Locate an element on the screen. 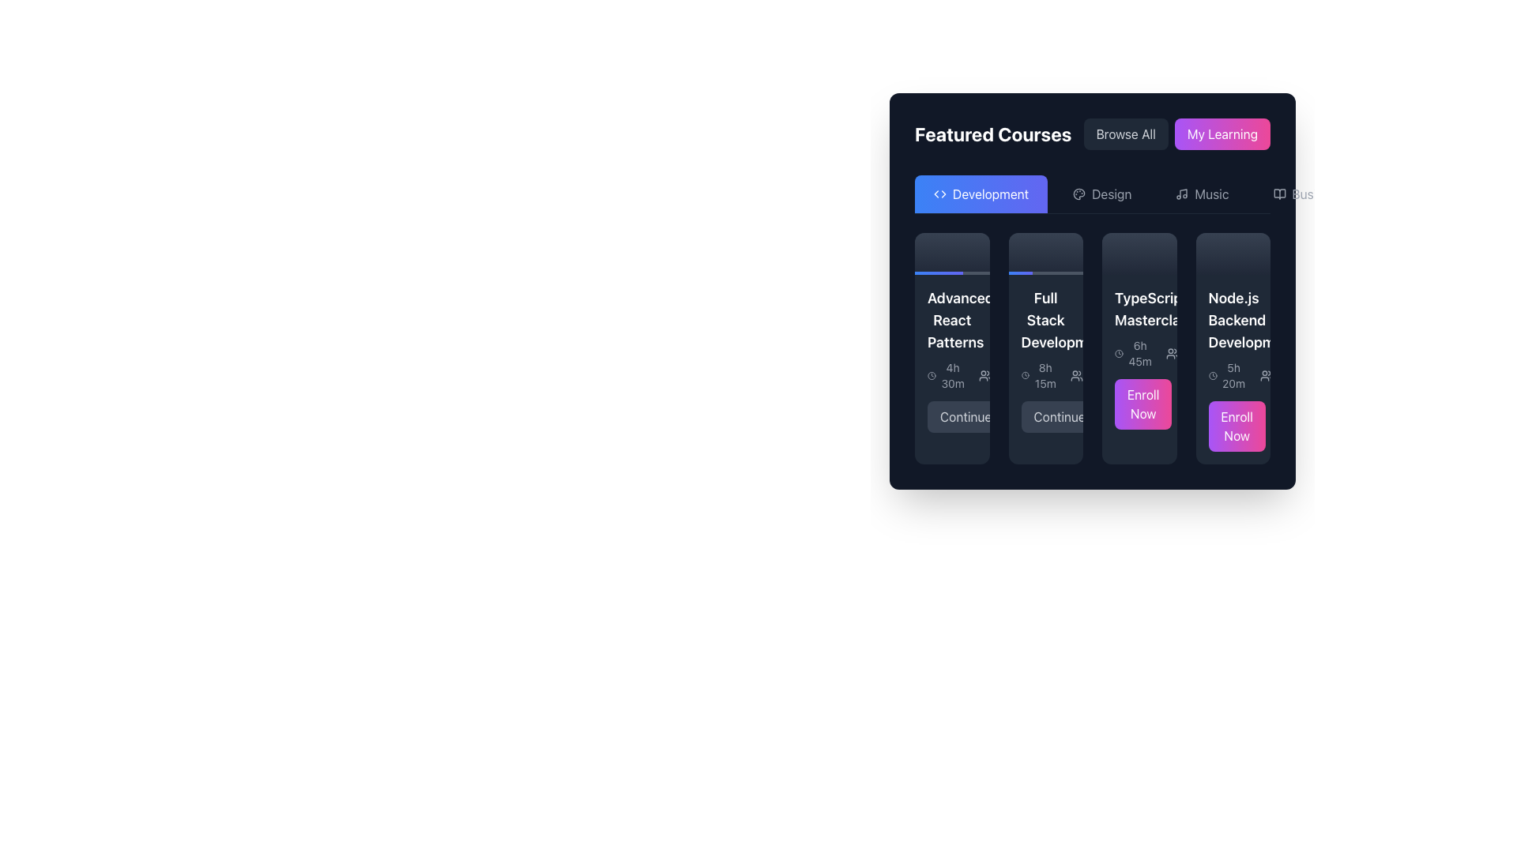  the leftmost 'Continue' button under the 'Advanced React Patterns' course card in the 'Featured Courses' section is located at coordinates (965, 416).